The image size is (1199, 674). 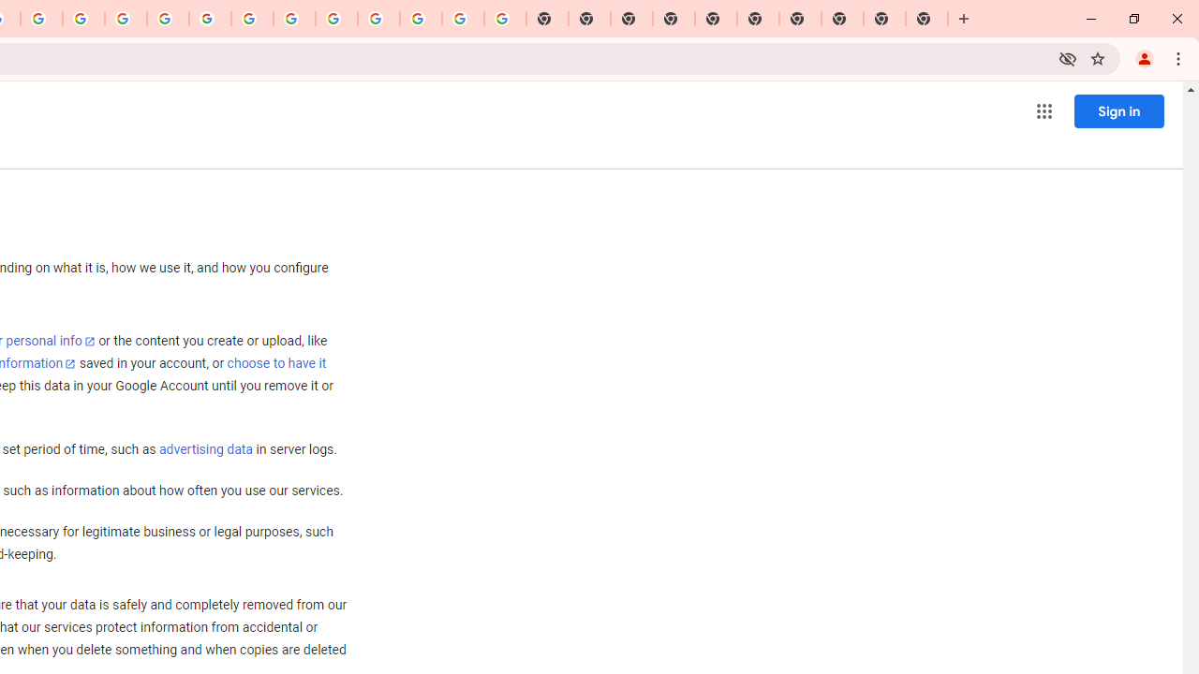 I want to click on 'Privacy Help Center - Policies Help', so click(x=125, y=19).